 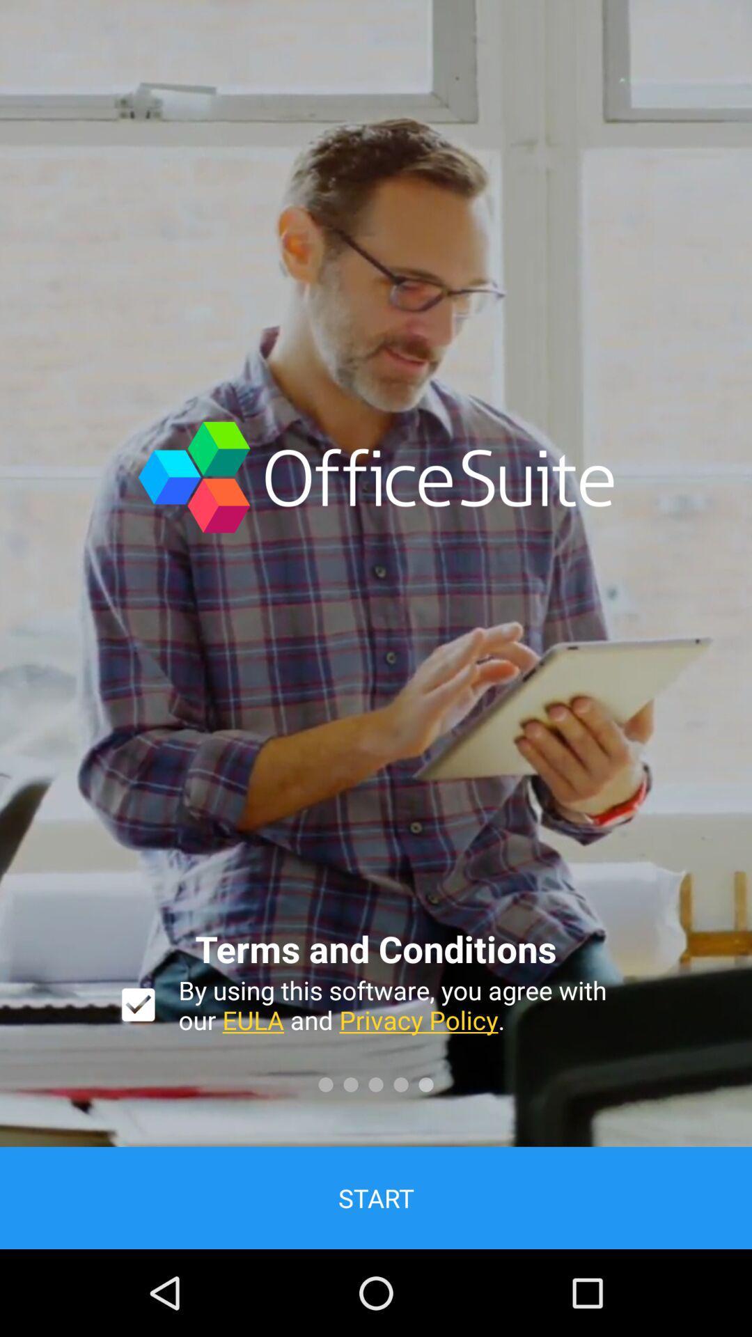 I want to click on the second circle which is above start button on page, so click(x=350, y=1084).